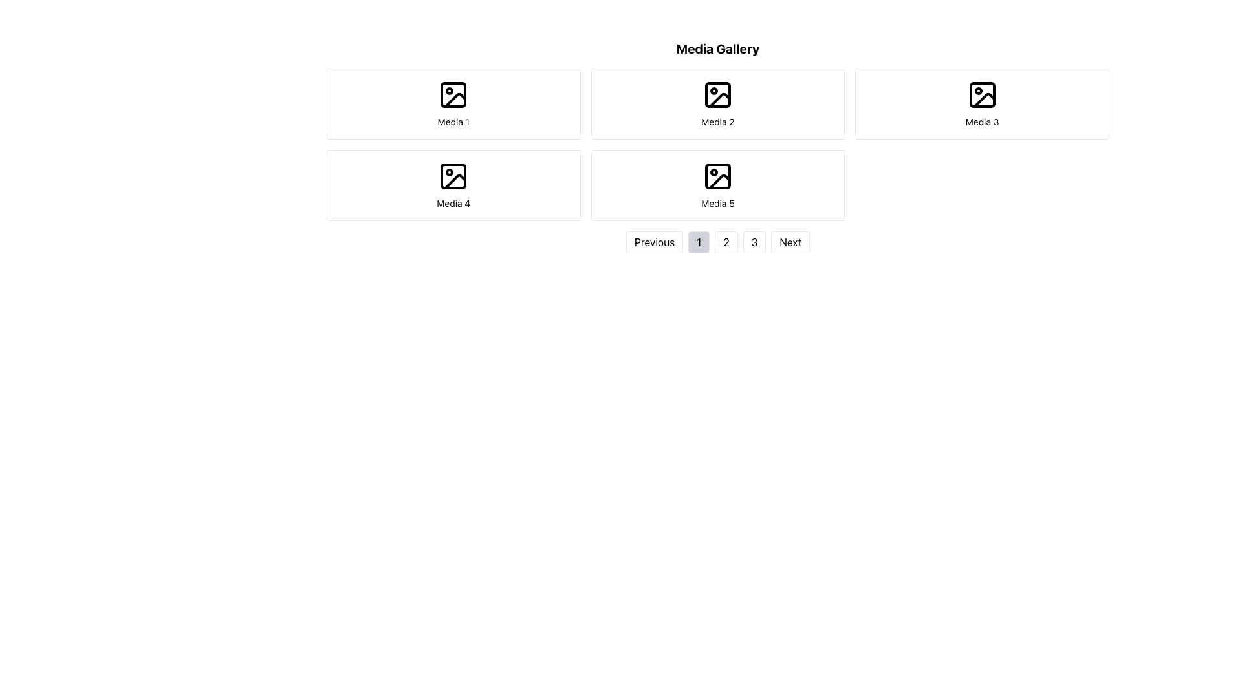 The width and height of the screenshot is (1242, 698). What do you see at coordinates (453, 94) in the screenshot?
I see `the icon representing the image or placeholder for graphical media located at the center of the top-left card labeled 'Media 1' in the media grid` at bounding box center [453, 94].